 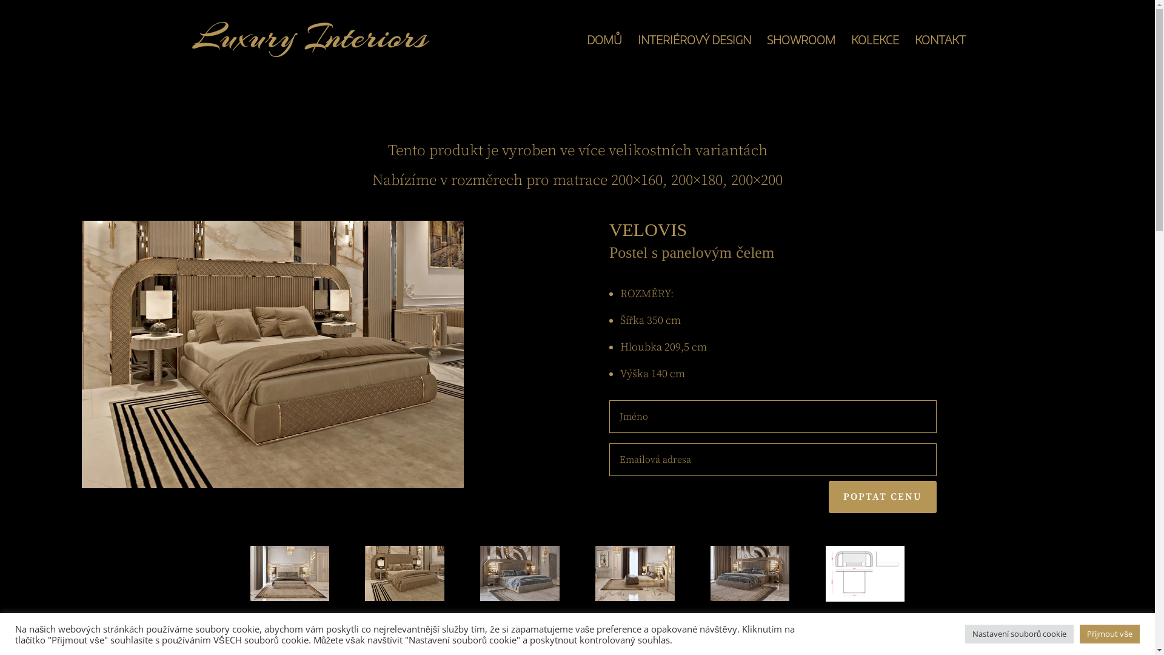 I want to click on 'SHOWROOM', so click(x=800, y=56).